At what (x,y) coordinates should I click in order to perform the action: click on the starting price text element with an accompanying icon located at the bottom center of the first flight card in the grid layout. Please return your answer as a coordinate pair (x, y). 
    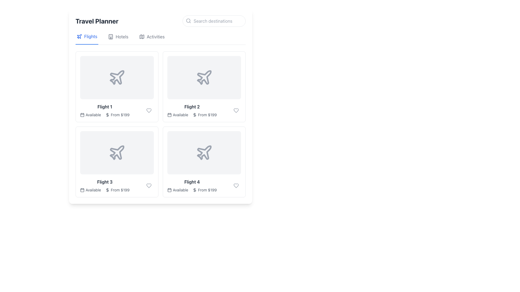
    Looking at the image, I should click on (117, 114).